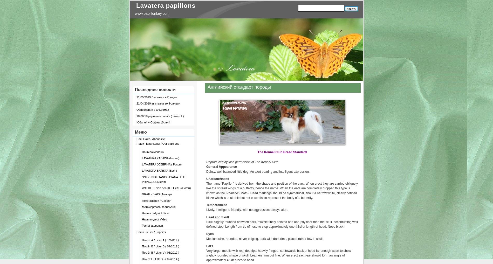  I want to click on 'Помёт А / Litter A ( 07/2011 )', so click(160, 239).